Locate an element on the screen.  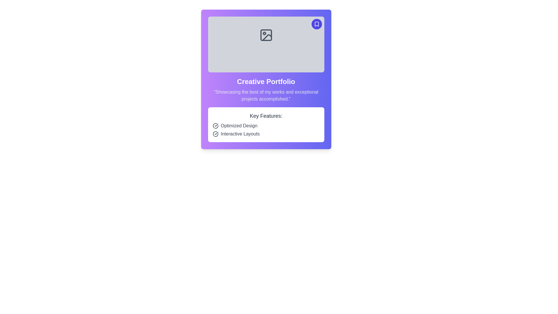
the icon located to the left of the text 'Optimized Design' in the 'Key Features' section of the interface, which indicates completion or agreement is located at coordinates (215, 125).